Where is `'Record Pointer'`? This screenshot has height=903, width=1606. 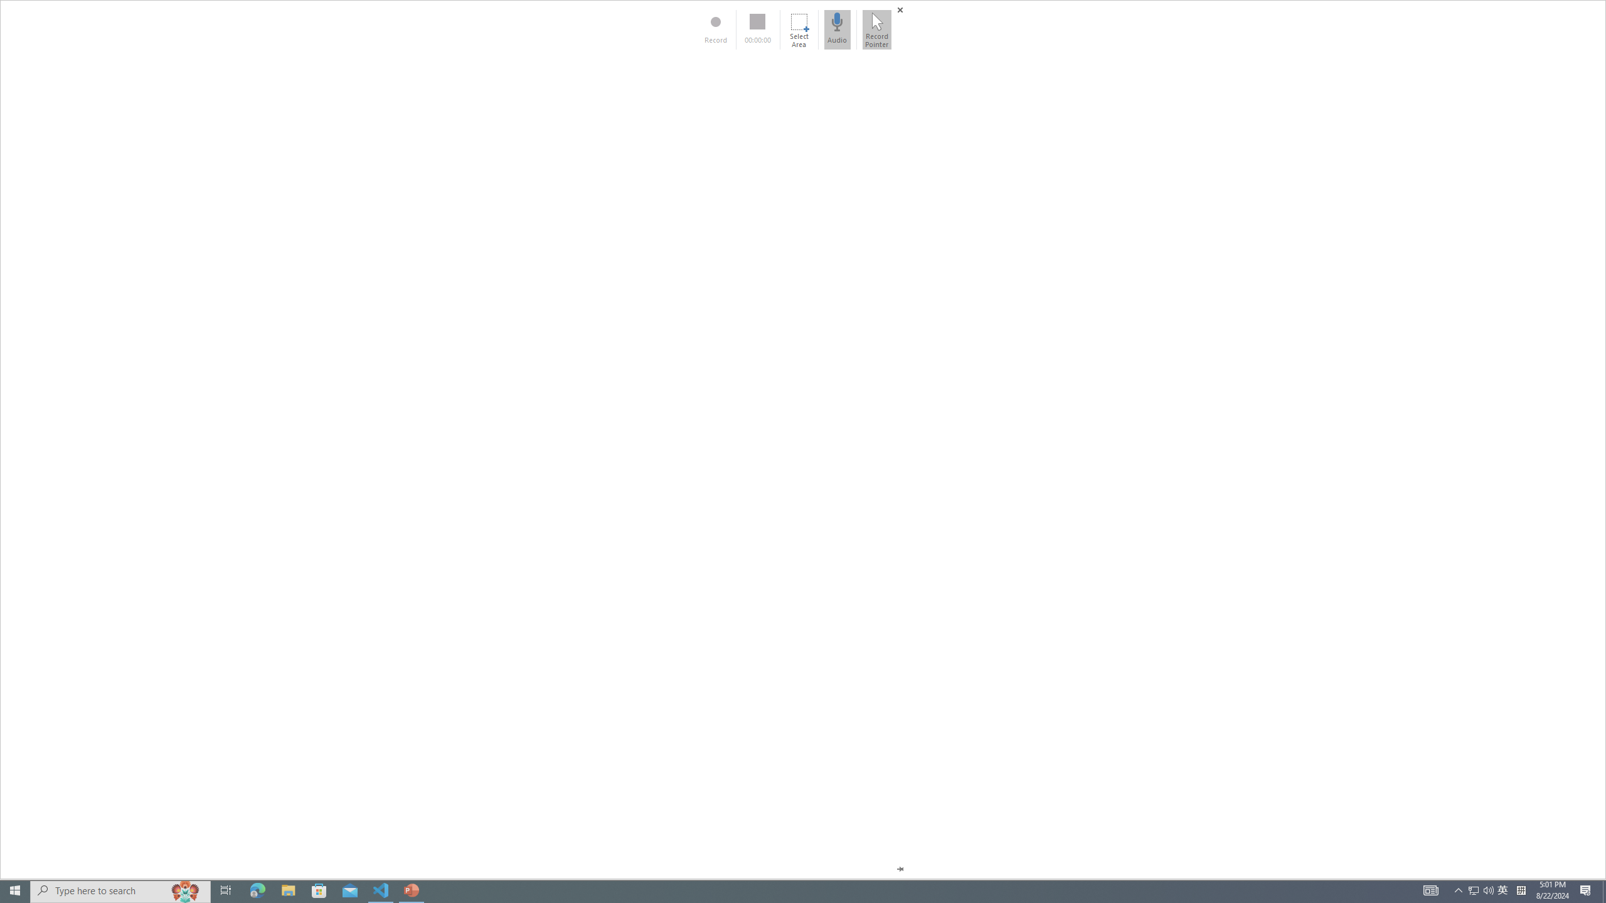
'Record Pointer' is located at coordinates (876, 29).